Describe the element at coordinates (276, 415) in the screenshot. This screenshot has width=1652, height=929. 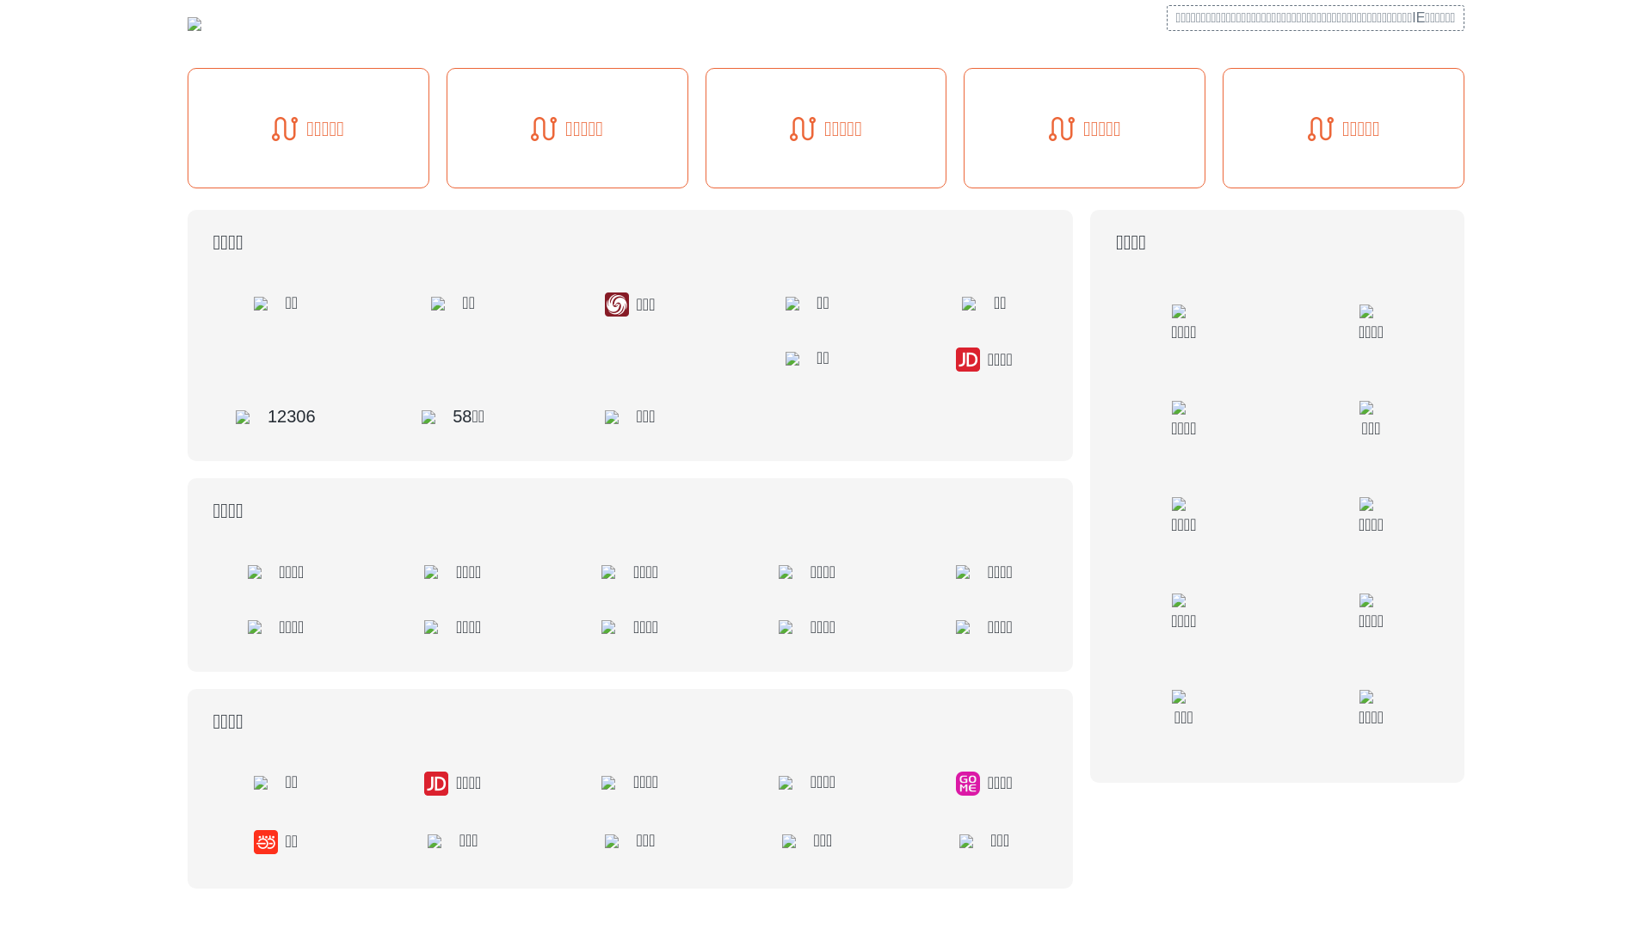
I see `'12306'` at that location.